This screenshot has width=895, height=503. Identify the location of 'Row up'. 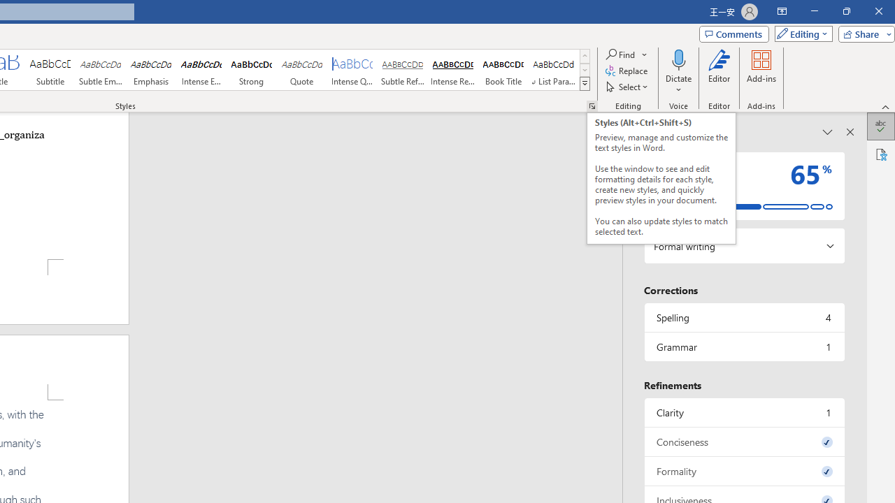
(585, 55).